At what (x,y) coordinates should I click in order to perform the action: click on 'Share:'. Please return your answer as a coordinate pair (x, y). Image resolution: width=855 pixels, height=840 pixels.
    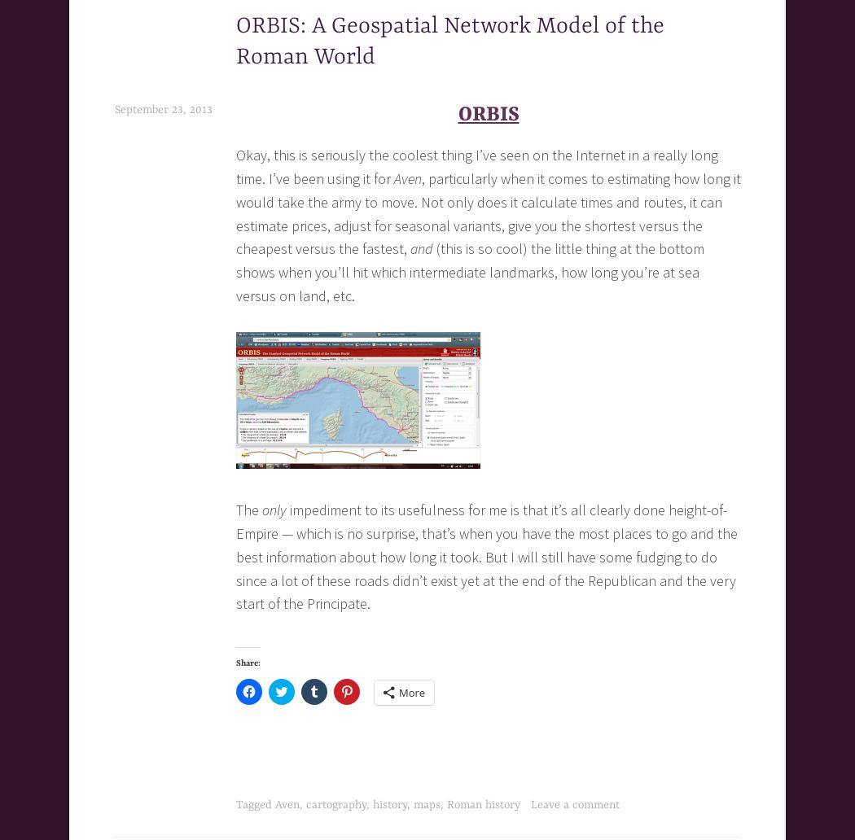
    Looking at the image, I should click on (248, 663).